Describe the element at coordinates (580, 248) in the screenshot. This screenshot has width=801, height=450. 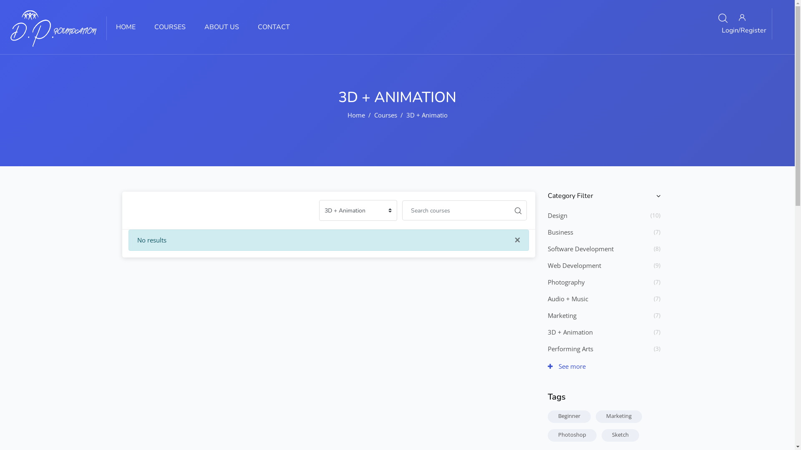
I see `'Software Development` at that location.